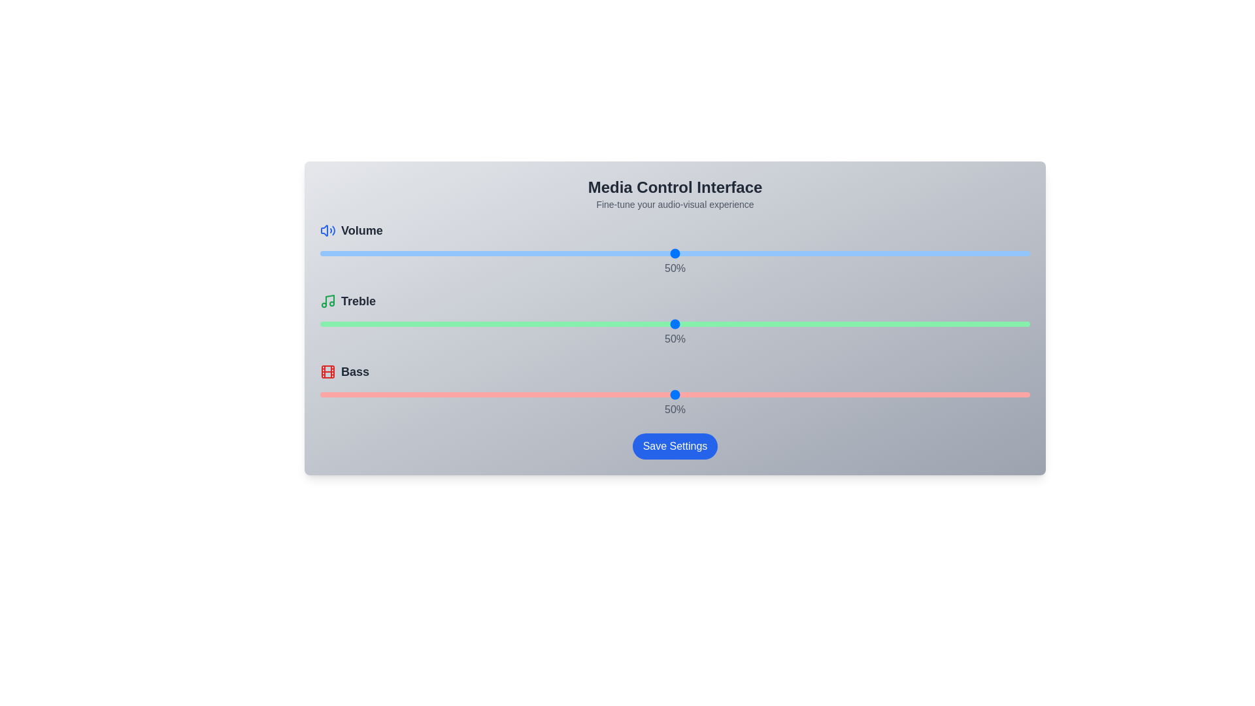  What do you see at coordinates (760, 254) in the screenshot?
I see `the slider value` at bounding box center [760, 254].